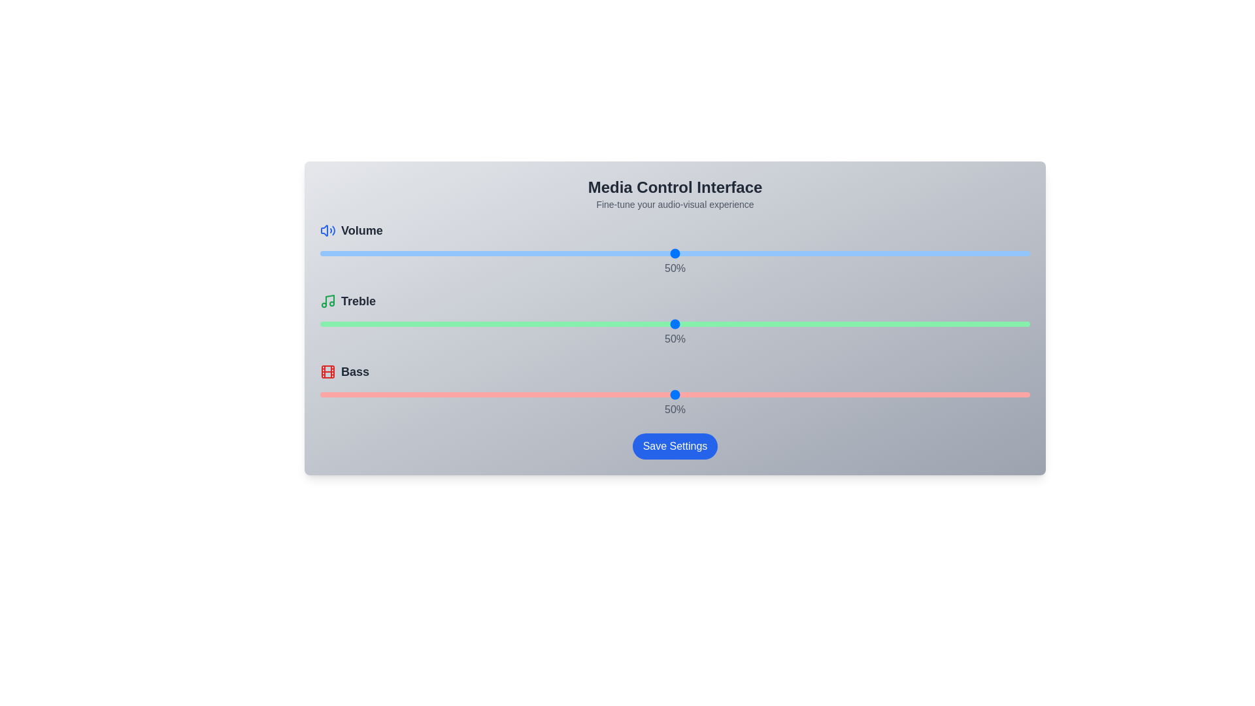  What do you see at coordinates (760, 254) in the screenshot?
I see `the slider value` at bounding box center [760, 254].